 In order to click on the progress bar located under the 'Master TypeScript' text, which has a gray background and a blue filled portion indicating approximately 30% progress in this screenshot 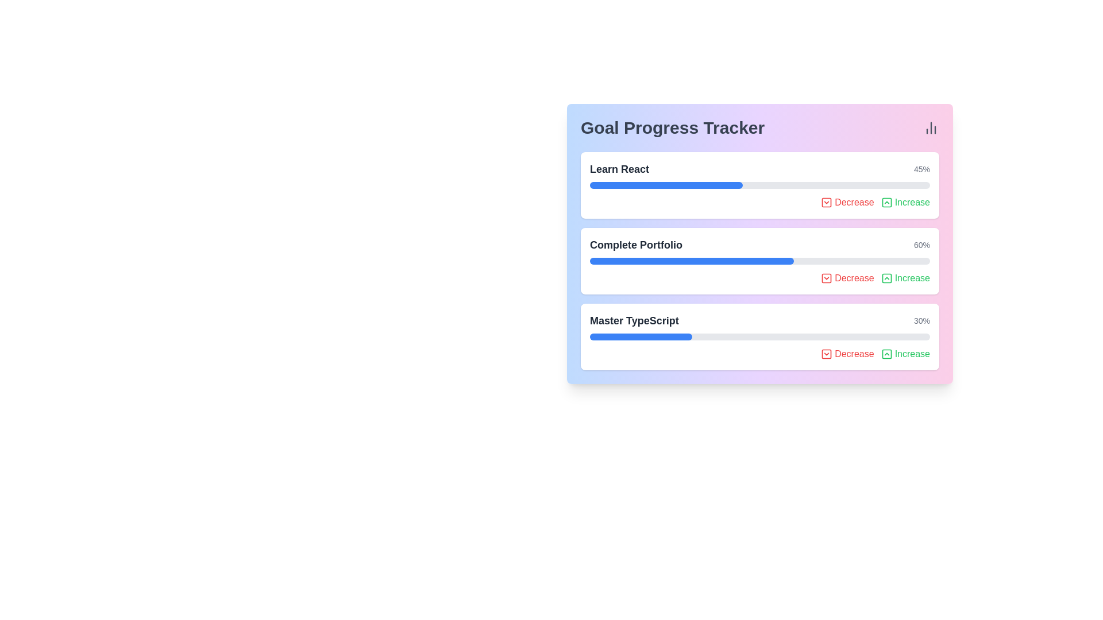, I will do `click(760, 336)`.